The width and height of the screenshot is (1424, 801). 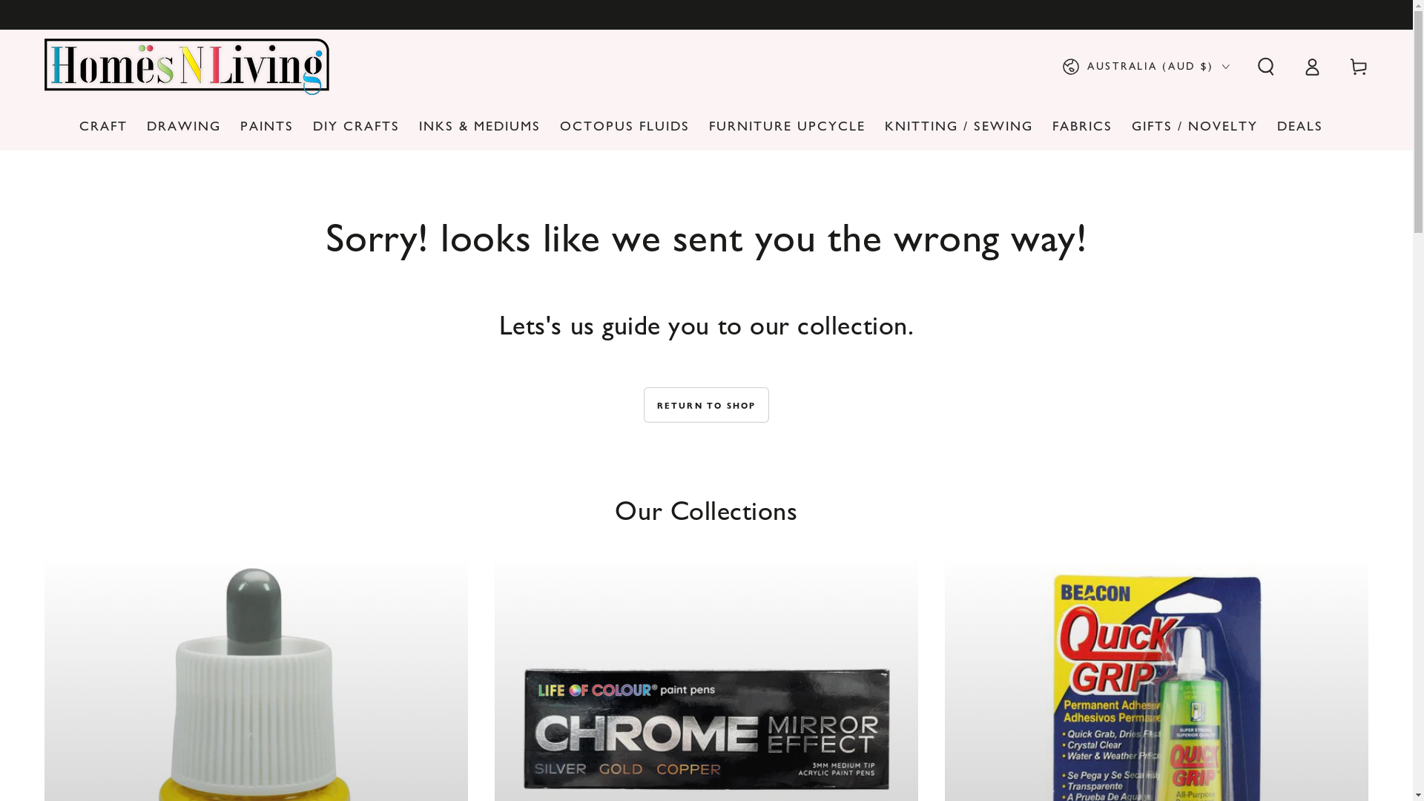 What do you see at coordinates (706, 405) in the screenshot?
I see `'RETURN TO SHOP'` at bounding box center [706, 405].